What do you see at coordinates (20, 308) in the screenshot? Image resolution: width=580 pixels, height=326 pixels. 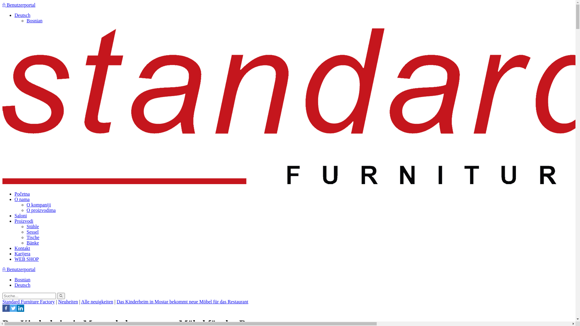 I see `'Linkedin'` at bounding box center [20, 308].